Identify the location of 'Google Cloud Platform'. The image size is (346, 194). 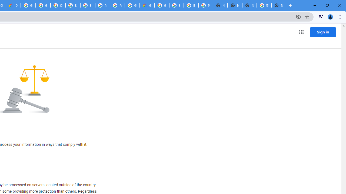
(132, 5).